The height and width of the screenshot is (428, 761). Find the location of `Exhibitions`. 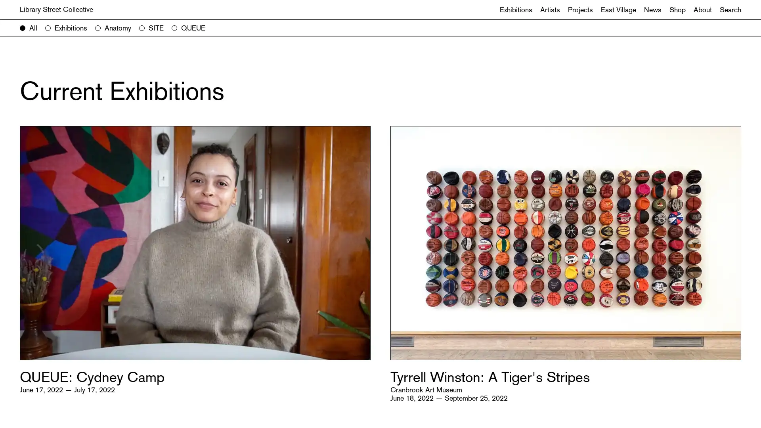

Exhibitions is located at coordinates (66, 27).